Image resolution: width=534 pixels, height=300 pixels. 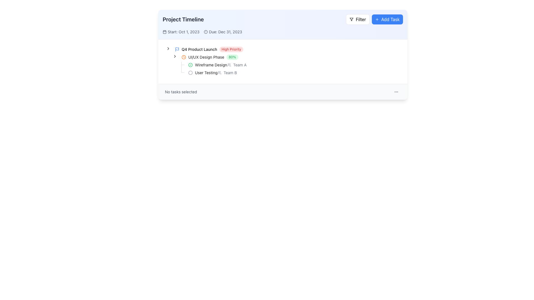 I want to click on the indentation marker line located to the leftmost side of the 'Wireframe Design Team A' item in the navigation tree structure, so click(x=171, y=65).